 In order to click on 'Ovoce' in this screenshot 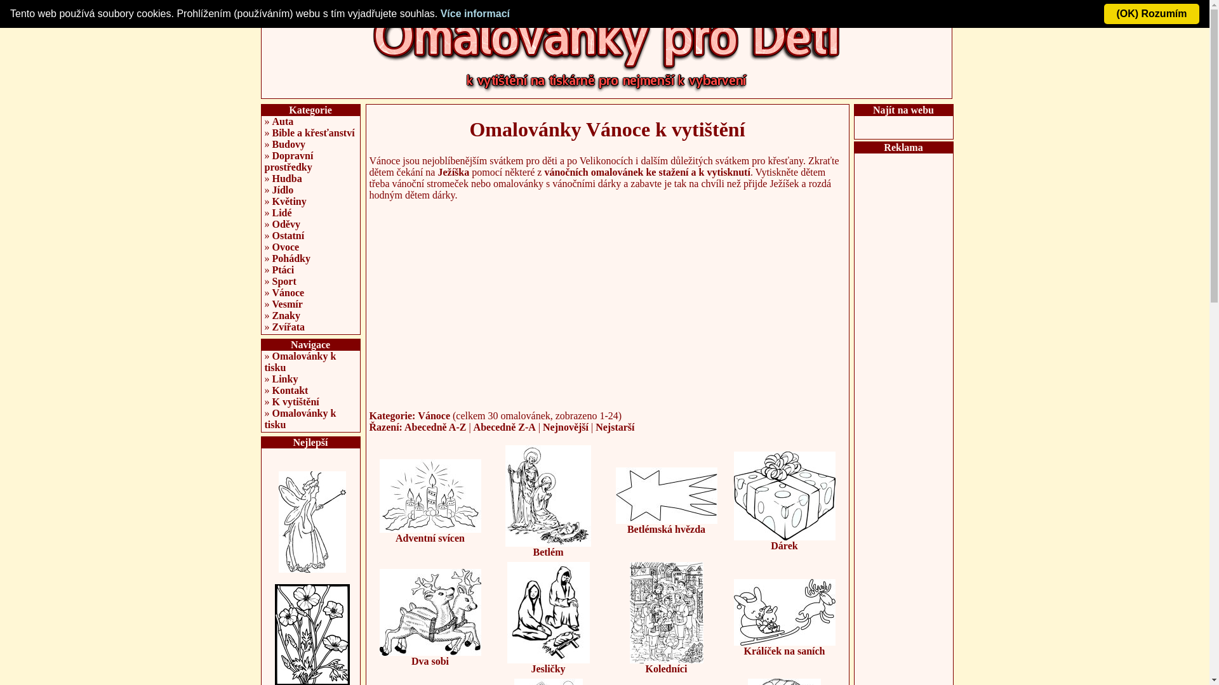, I will do `click(284, 247)`.